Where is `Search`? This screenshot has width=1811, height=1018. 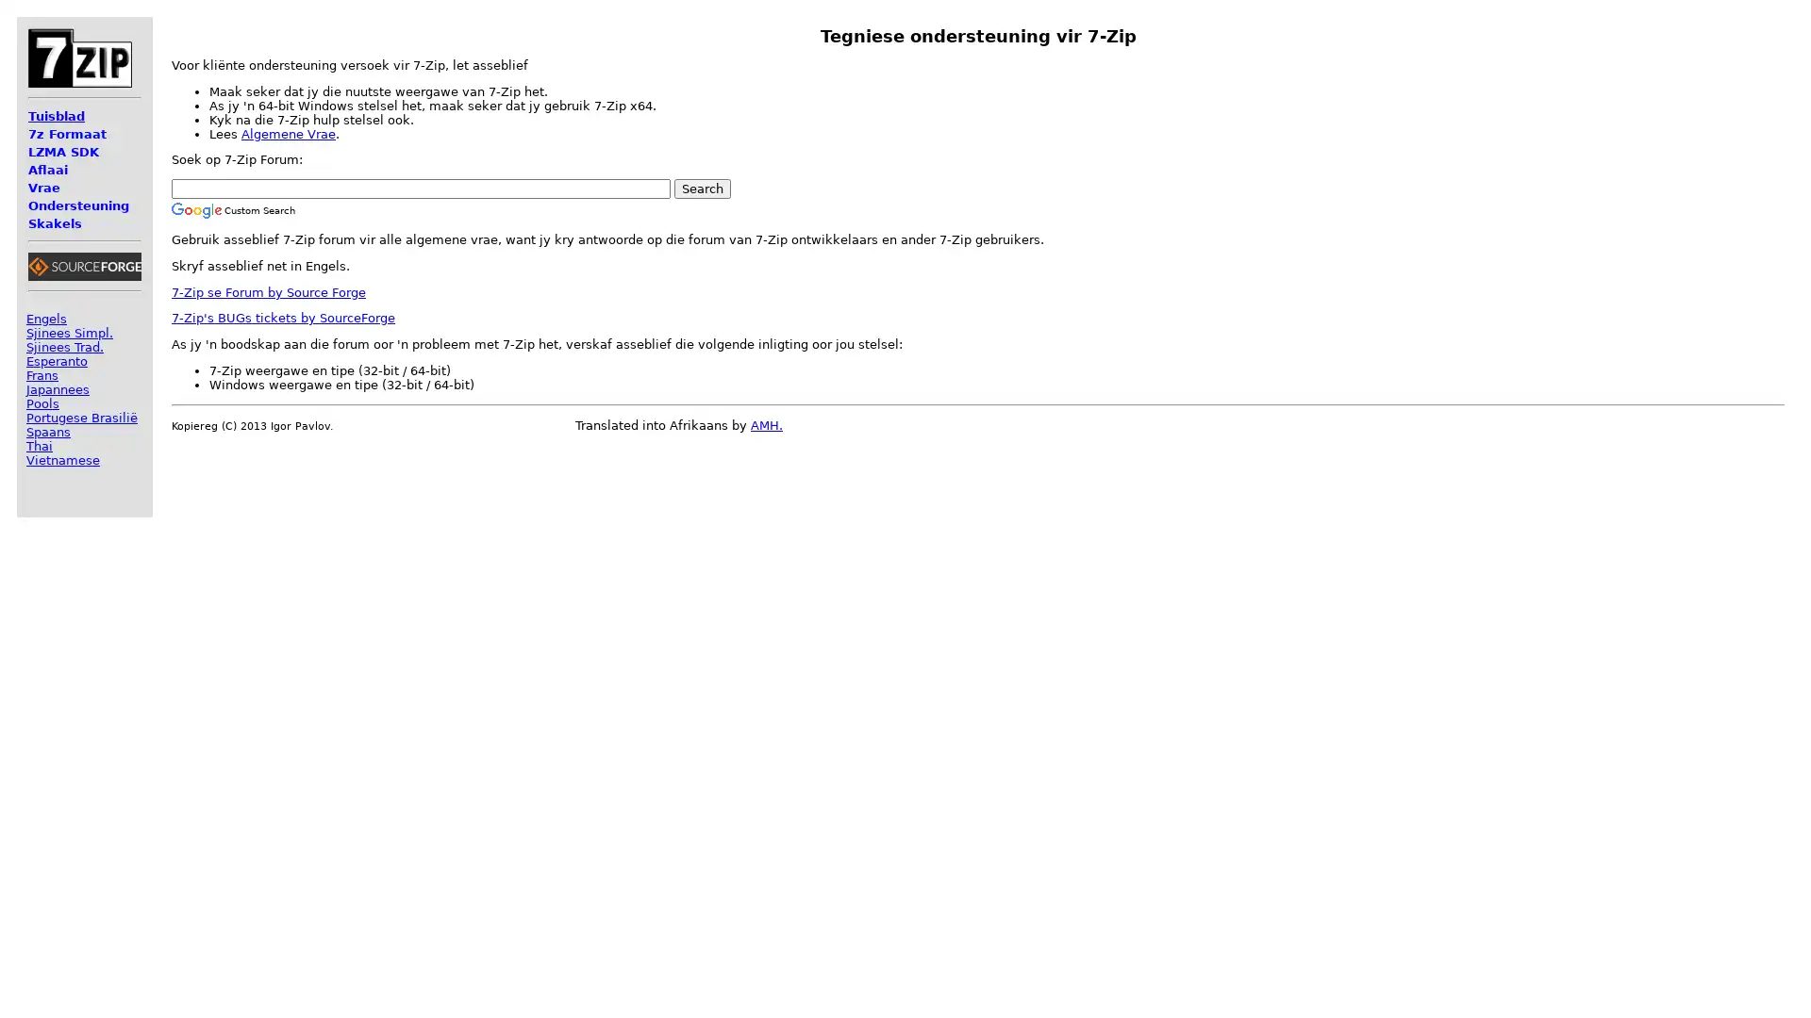 Search is located at coordinates (701, 189).